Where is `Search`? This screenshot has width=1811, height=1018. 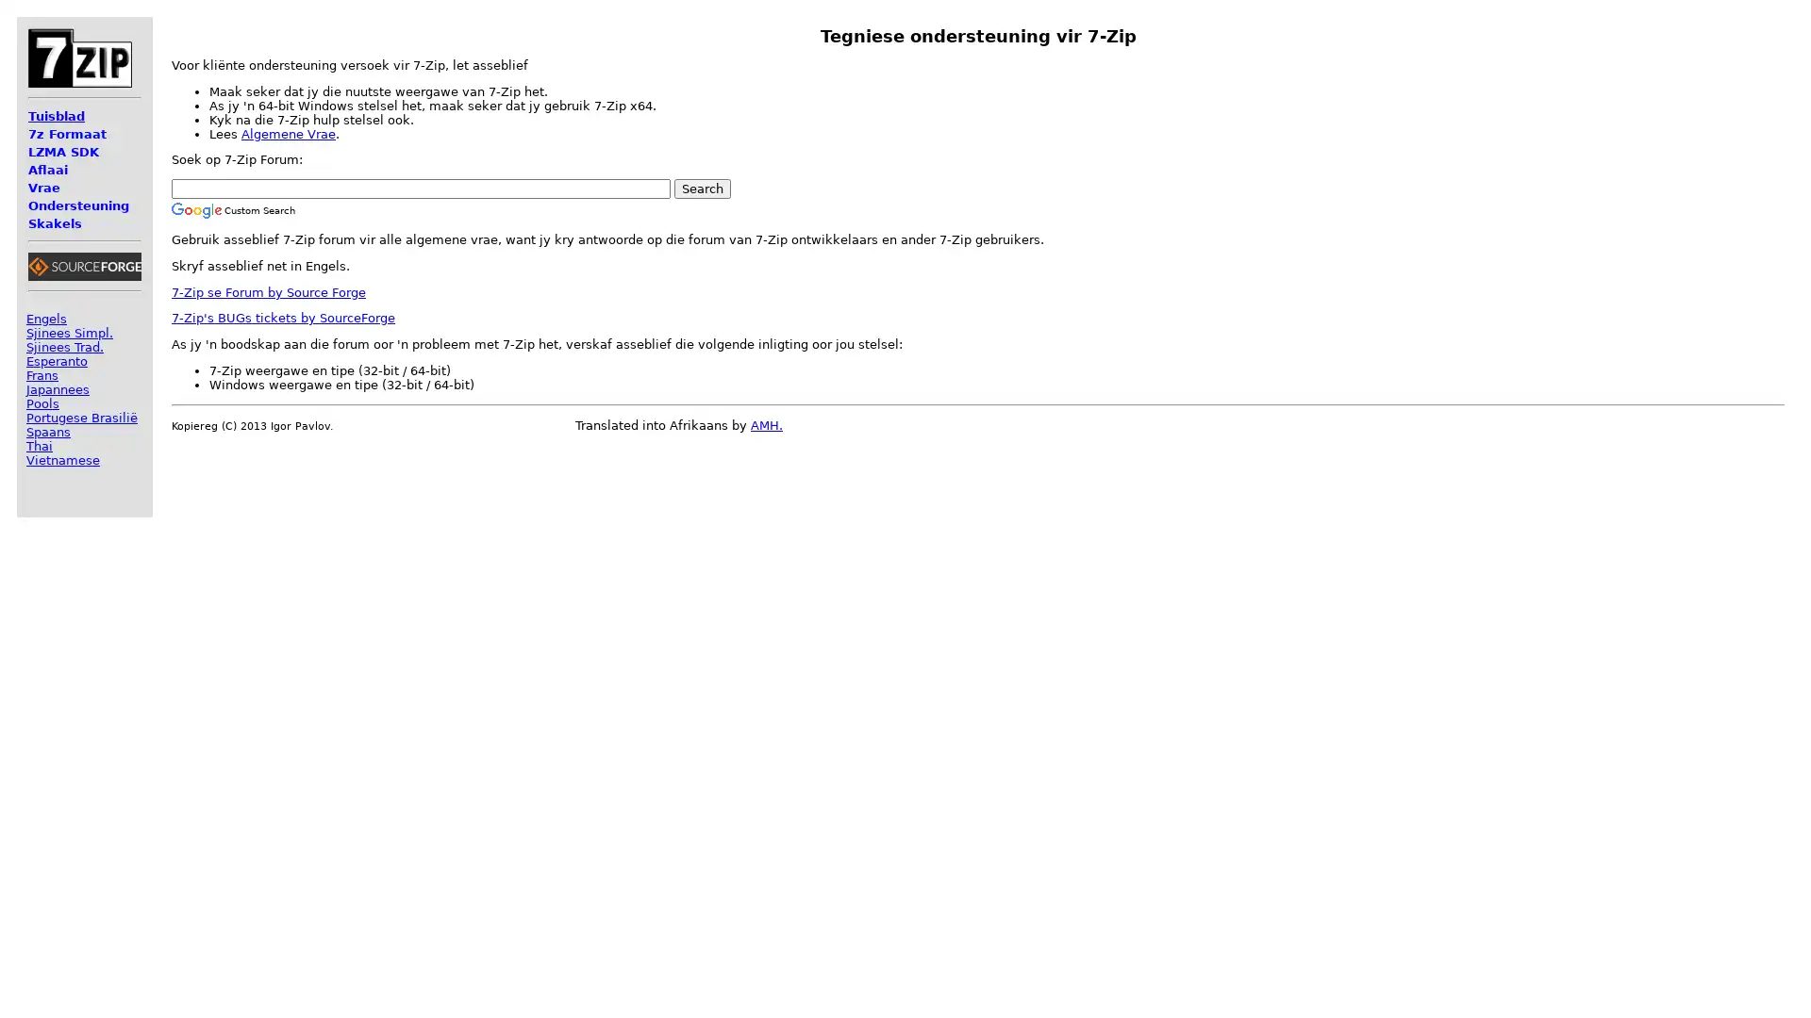 Search is located at coordinates (701, 189).